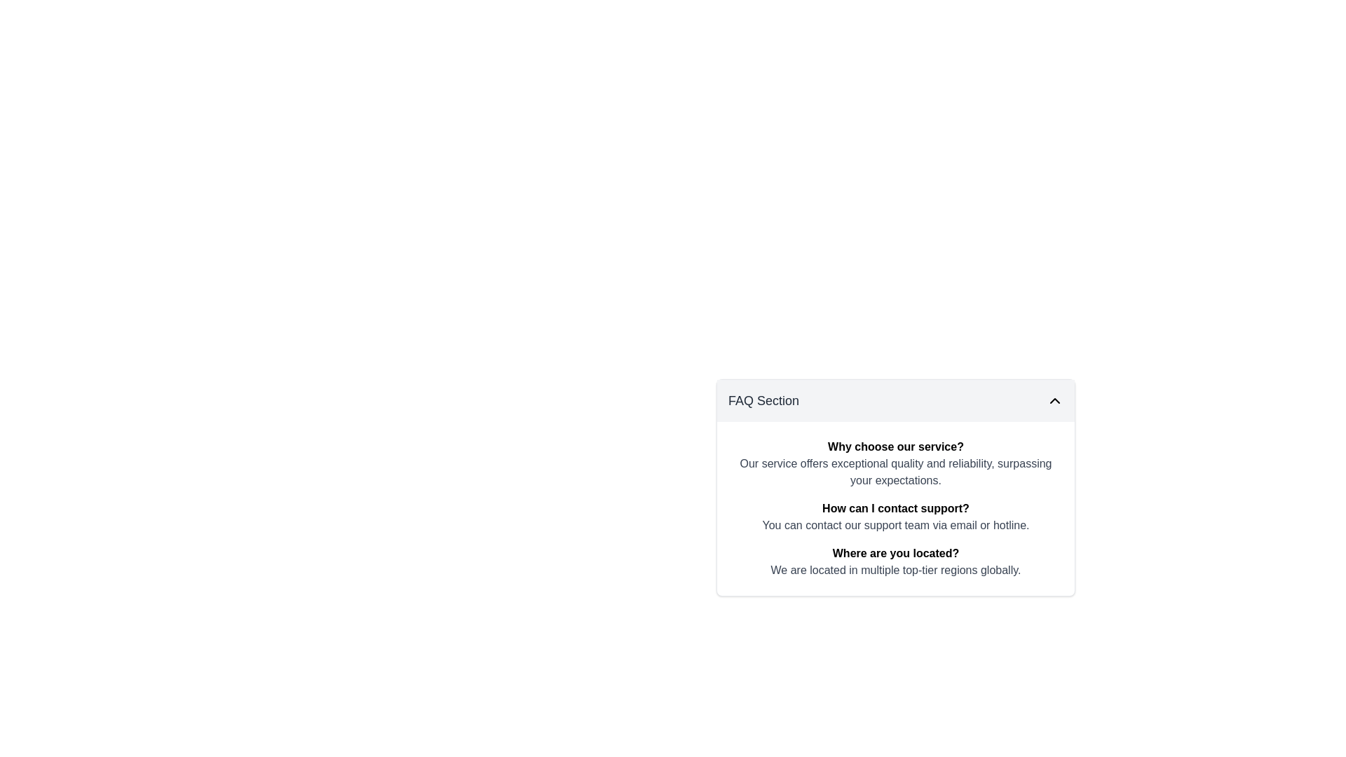 The width and height of the screenshot is (1346, 757). Describe the element at coordinates (1055, 400) in the screenshot. I see `the upward-pointing arrow icon located in the 'FAQ Section'` at that location.